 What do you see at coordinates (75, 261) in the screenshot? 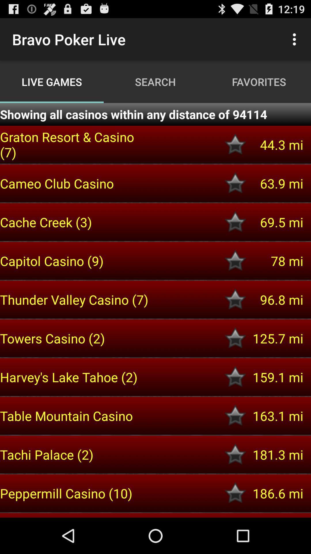
I see `capitol casino (9)` at bounding box center [75, 261].